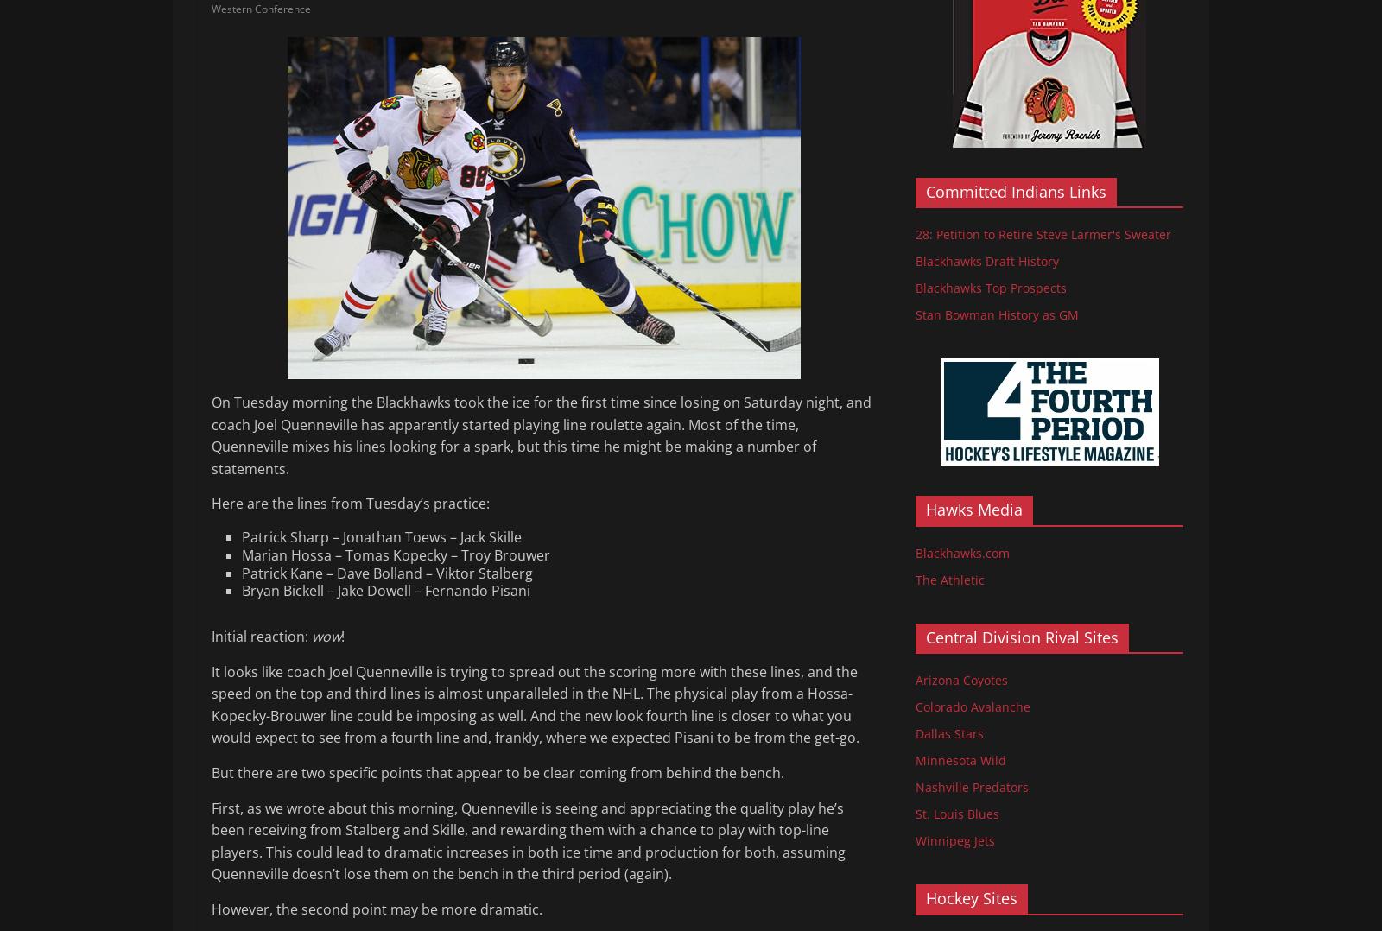 The height and width of the screenshot is (931, 1382). What do you see at coordinates (386, 572) in the screenshot?
I see `'Patrick Kane – Dave Bolland – Viktor Stalberg'` at bounding box center [386, 572].